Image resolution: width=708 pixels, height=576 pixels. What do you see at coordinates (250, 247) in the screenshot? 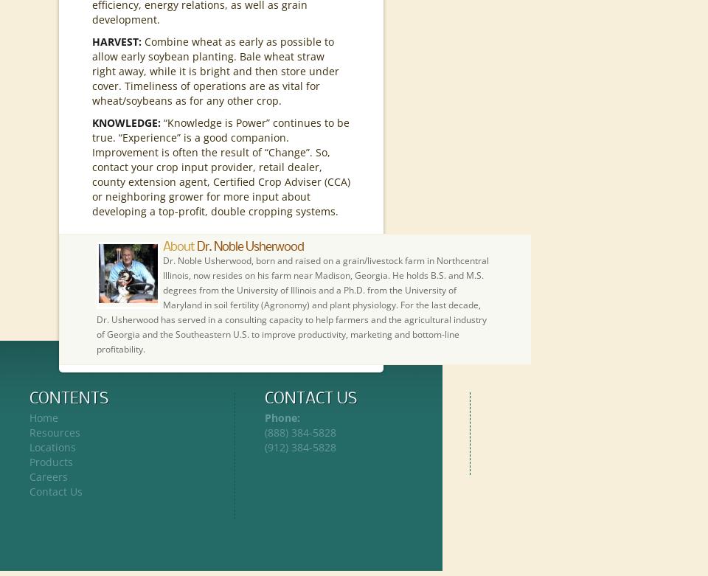
I see `'Dr. Noble Usherwood'` at bounding box center [250, 247].